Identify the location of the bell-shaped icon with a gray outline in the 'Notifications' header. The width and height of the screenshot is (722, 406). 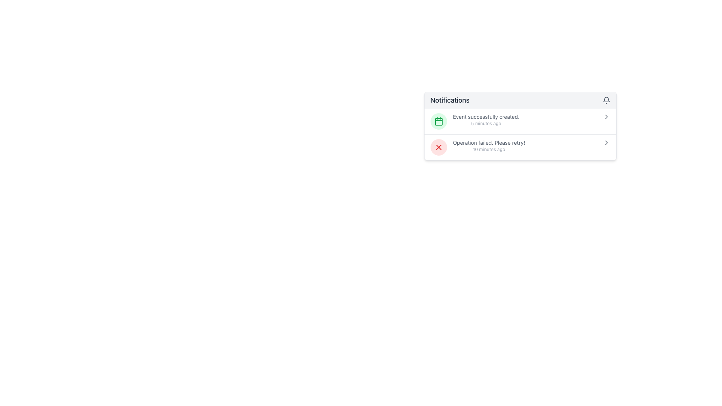
(606, 100).